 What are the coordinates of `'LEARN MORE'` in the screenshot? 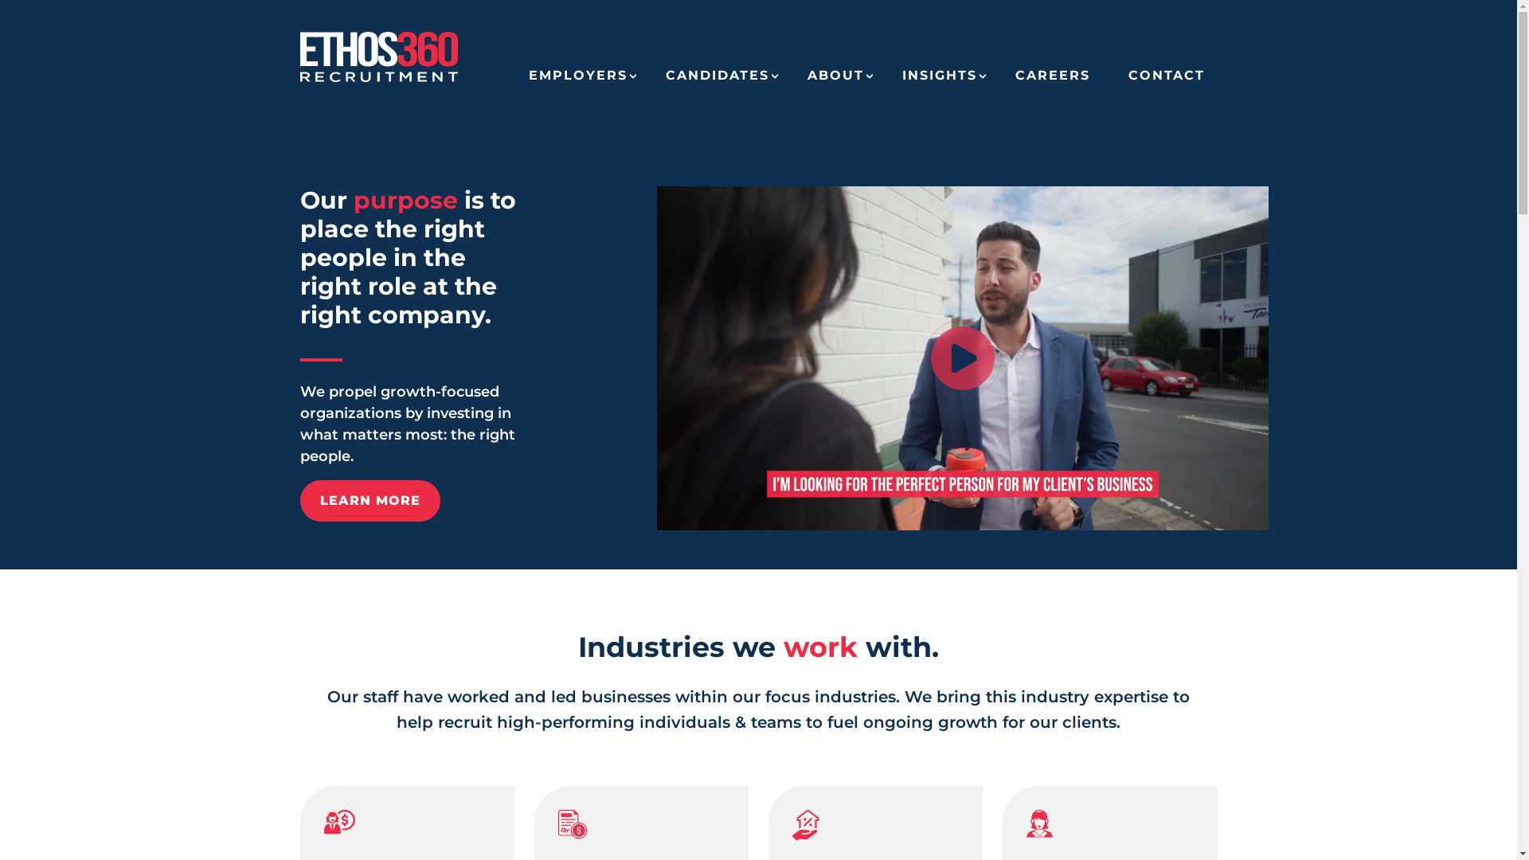 It's located at (369, 499).